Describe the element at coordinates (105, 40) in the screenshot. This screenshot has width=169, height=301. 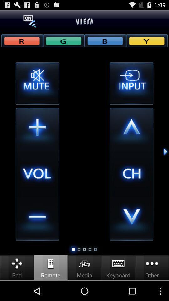
I see `b` at that location.